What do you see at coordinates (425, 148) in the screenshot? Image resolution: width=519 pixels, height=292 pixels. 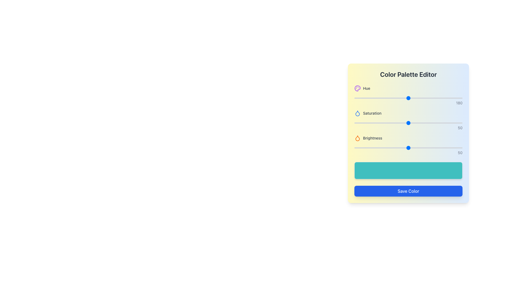 I see `the brightness` at bounding box center [425, 148].